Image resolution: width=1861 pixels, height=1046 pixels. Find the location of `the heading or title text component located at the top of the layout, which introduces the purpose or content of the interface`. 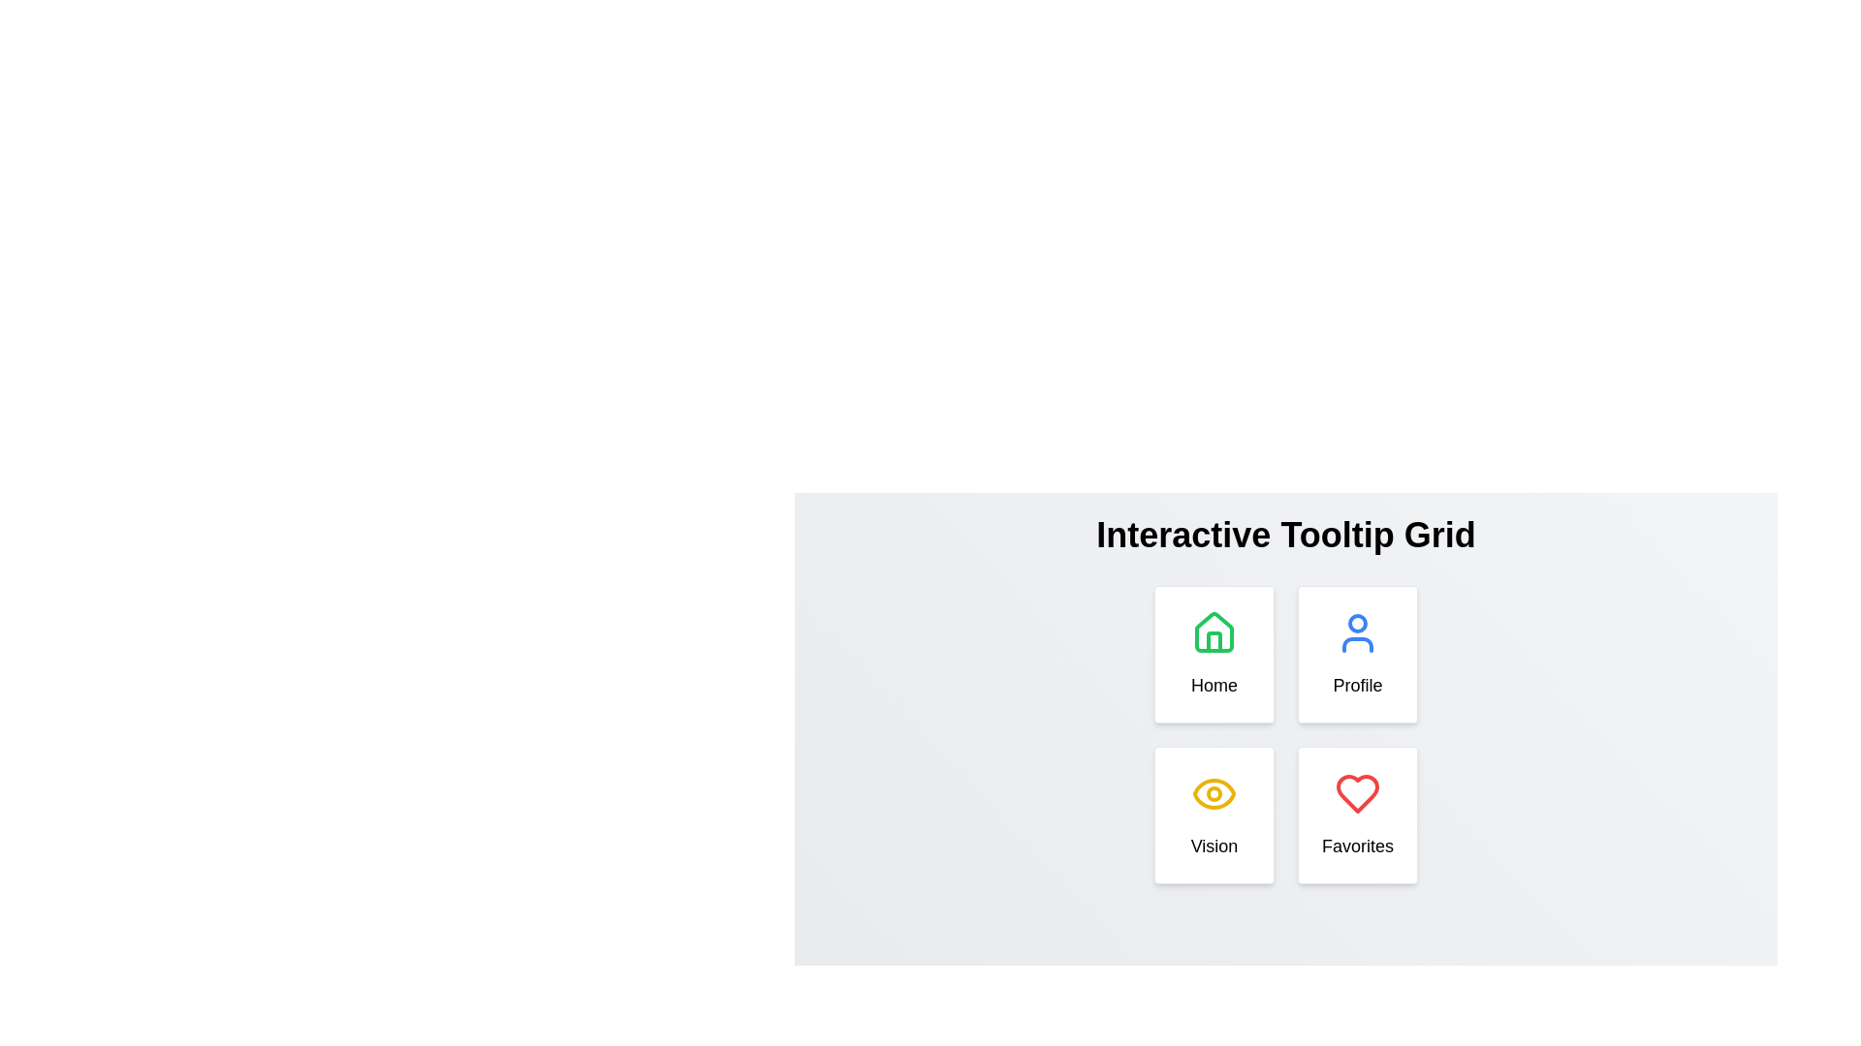

the heading or title text component located at the top of the layout, which introduces the purpose or content of the interface is located at coordinates (1285, 535).